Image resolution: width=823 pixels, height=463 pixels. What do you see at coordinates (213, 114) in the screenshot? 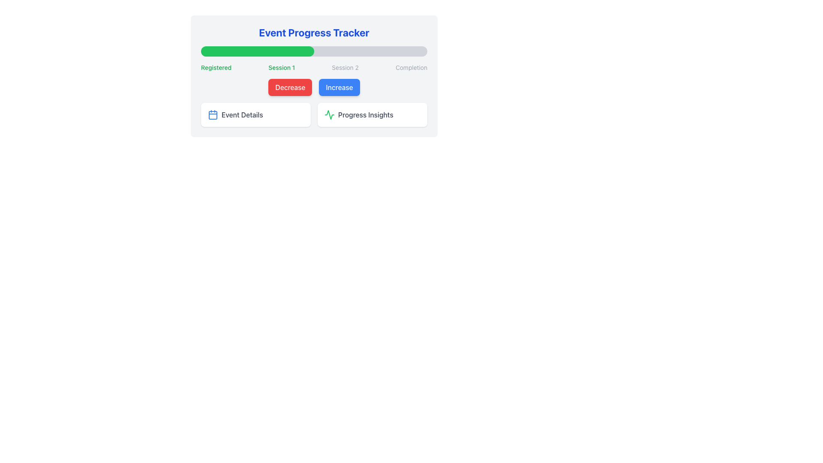
I see `the calendar icon within the 'Event Details' button, which is the first option below the progress tracker bar` at bounding box center [213, 114].